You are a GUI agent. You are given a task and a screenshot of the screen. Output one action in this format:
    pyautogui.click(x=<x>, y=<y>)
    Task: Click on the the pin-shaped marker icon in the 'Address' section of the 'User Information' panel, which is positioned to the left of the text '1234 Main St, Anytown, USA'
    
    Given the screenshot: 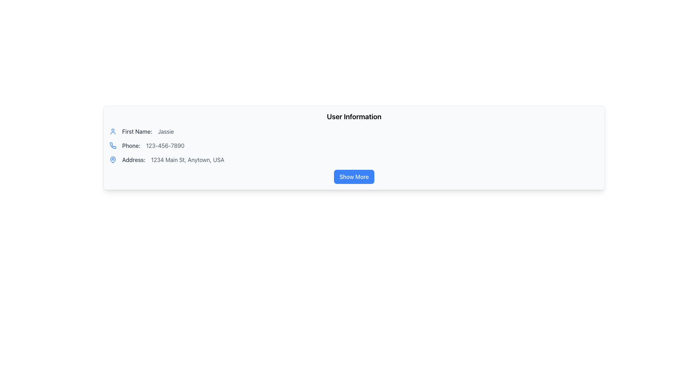 What is the action you would take?
    pyautogui.click(x=112, y=160)
    